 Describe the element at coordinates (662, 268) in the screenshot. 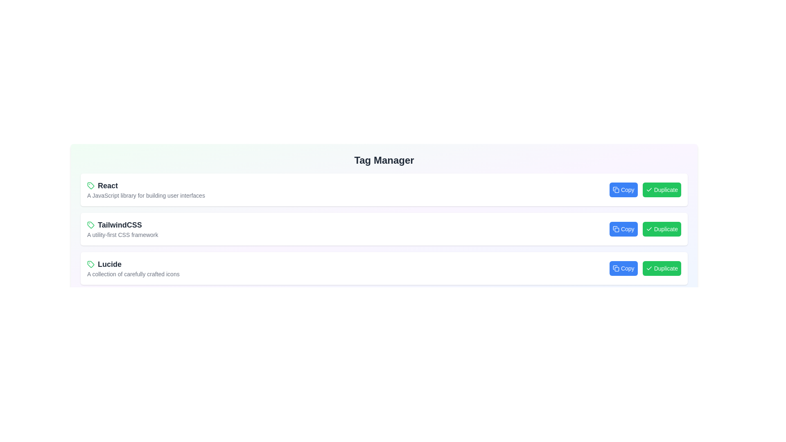

I see `'Duplicate' button for the tag labeled Lucide` at that location.